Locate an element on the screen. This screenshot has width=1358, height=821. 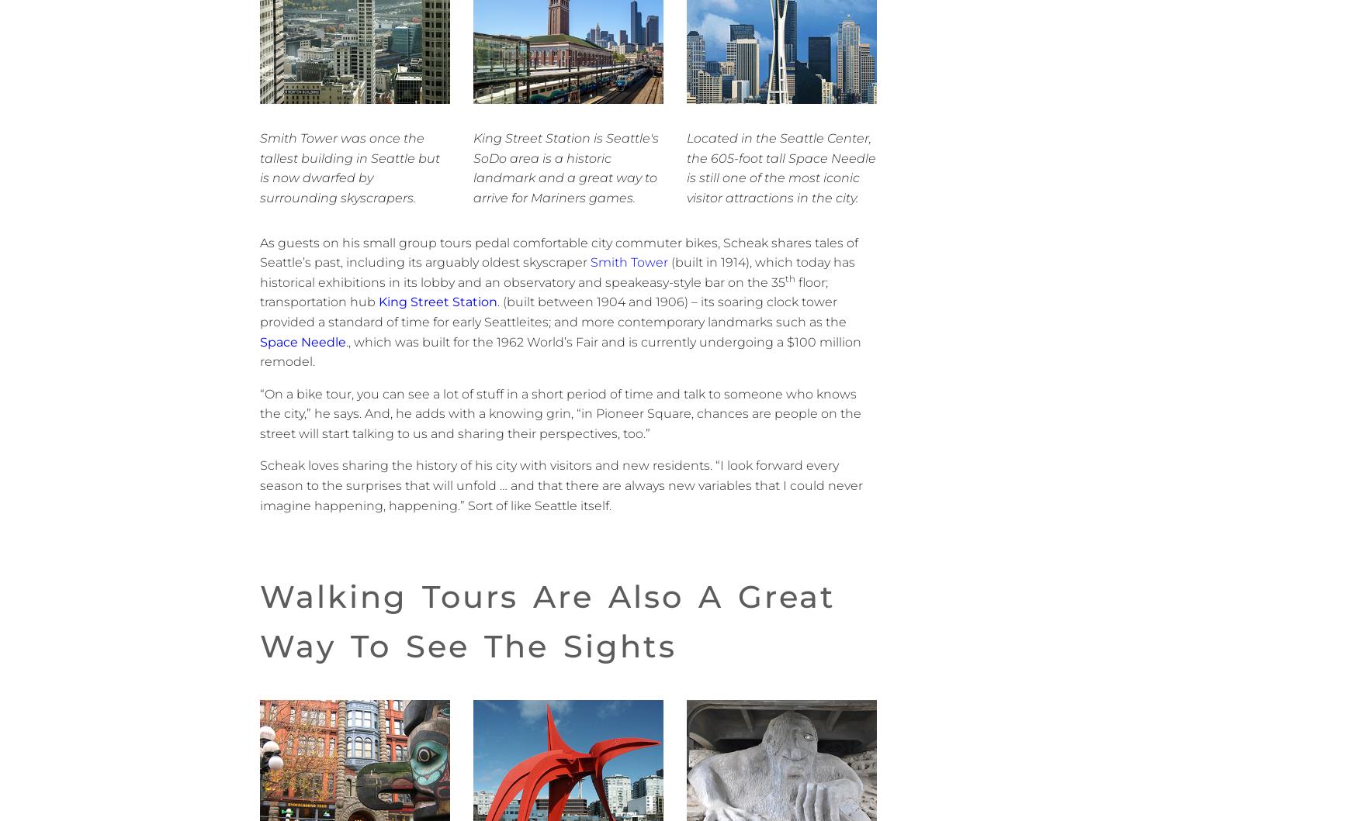
'(built in 1914), which today has historical exhibitions in its lobby and an observatory and speakeasy-style bar on the 35' is located at coordinates (557, 271).